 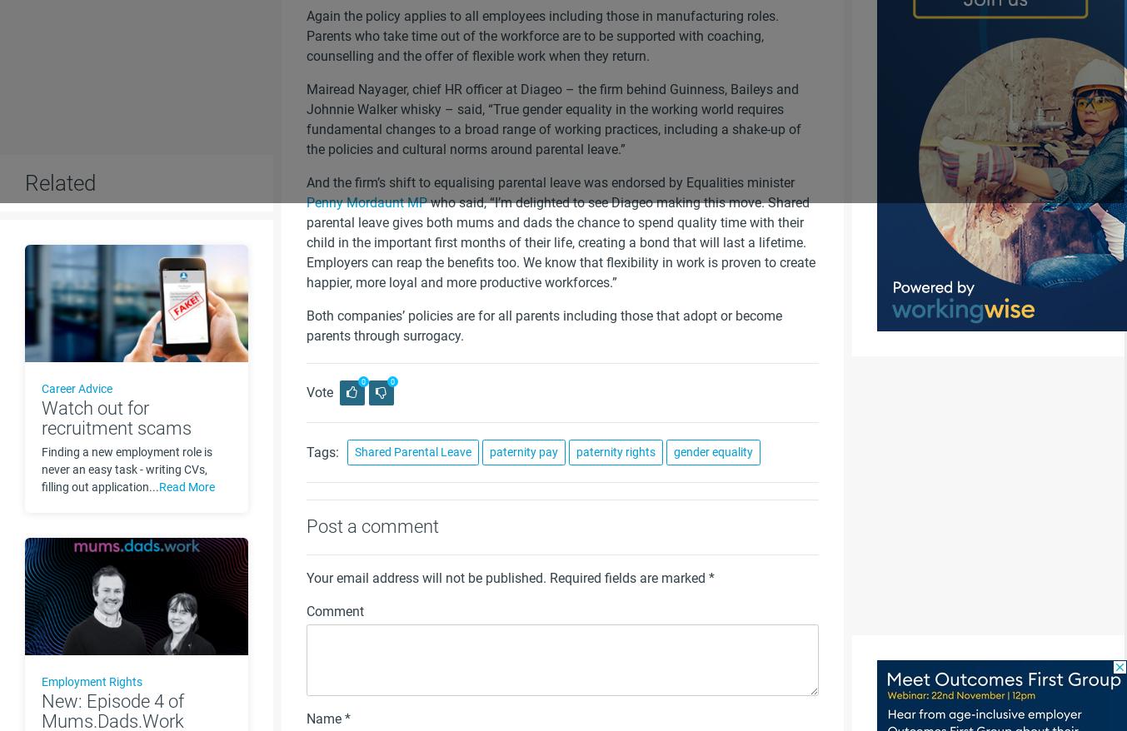 What do you see at coordinates (77, 387) in the screenshot?
I see `'Career Advice'` at bounding box center [77, 387].